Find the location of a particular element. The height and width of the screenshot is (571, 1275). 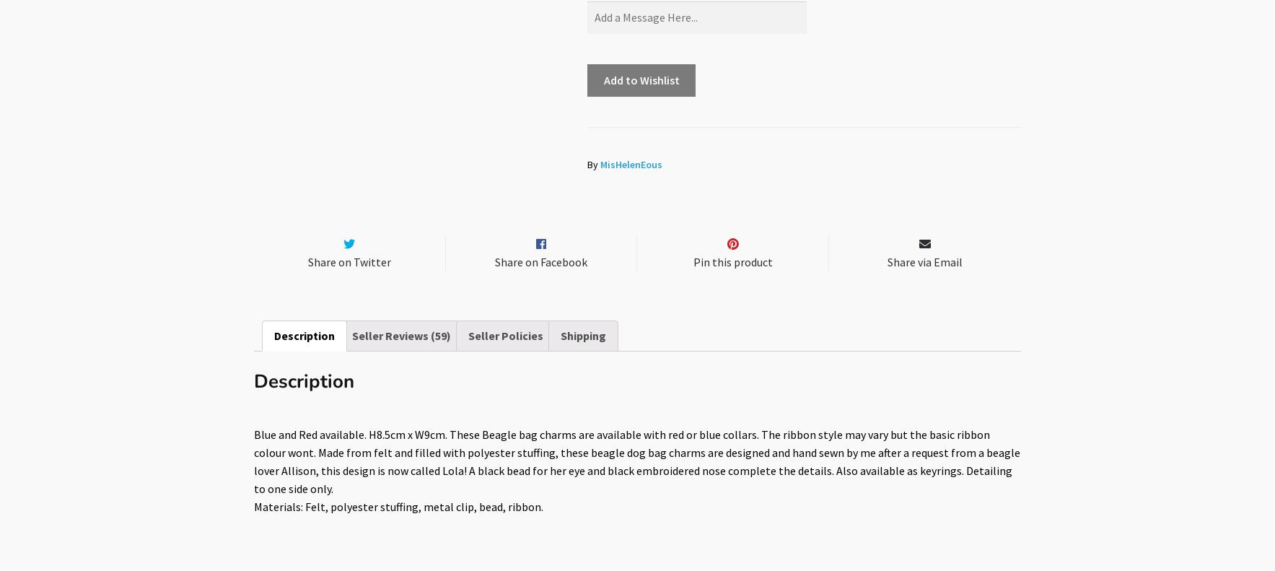

'Blue and Red available. H8.5cm x W9cm. These Beagle bag charms are available with red or blue collars. The ribbon style may vary but the basic ribbon colour wont. Made from felt and filled with polyester stuffing, these beagle dog bag charms are designed and hand sewn by me after a request from a beagle lover Allison, this design is now called Lola! A black bead for her eye and black embroidered nose complete the details. Also available as keyrings. Detailing to one side only.' is located at coordinates (636, 461).